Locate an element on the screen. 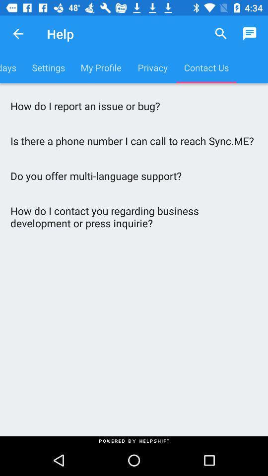  item to the right of the privacy item is located at coordinates (221, 34).